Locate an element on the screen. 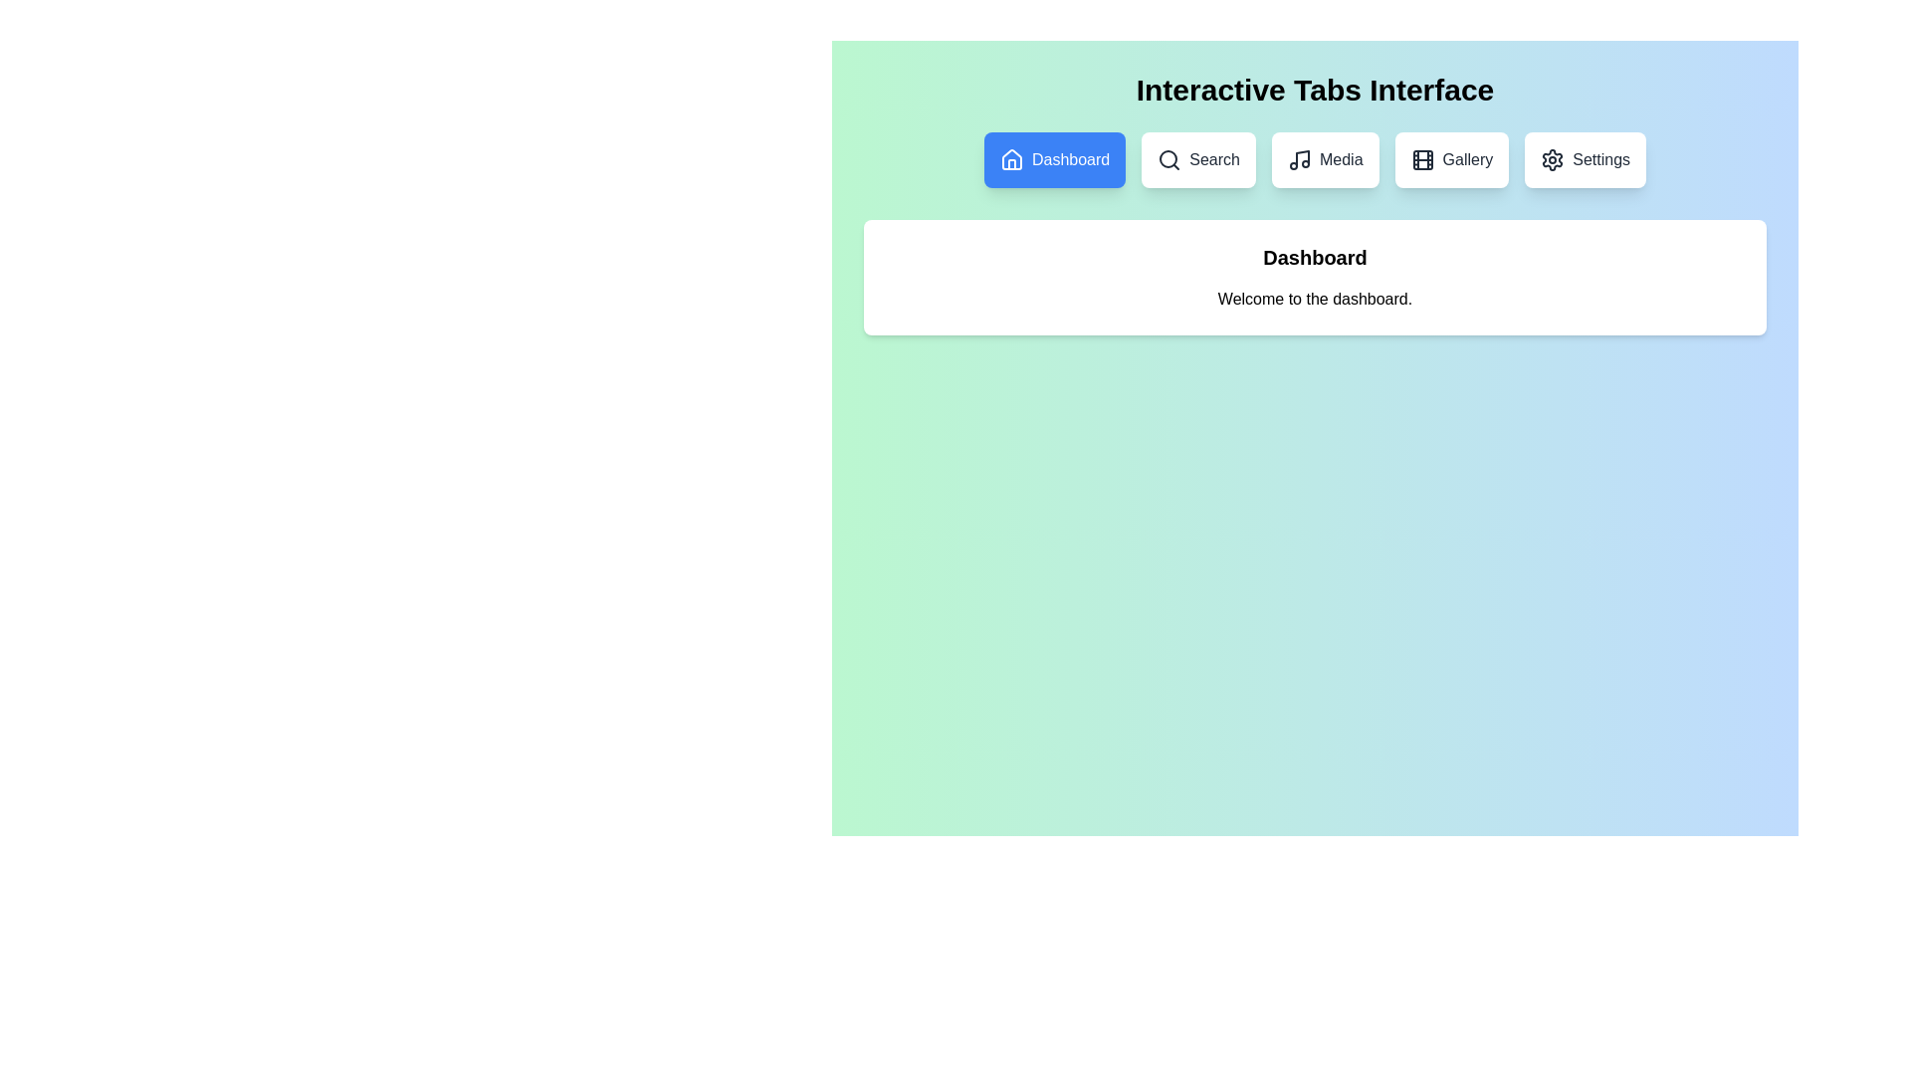 This screenshot has height=1075, width=1911. the house icon within the blue rectangular button labeled 'Dashboard' located in the top left corner of the button group to enhance user recognition and navigation is located at coordinates (1012, 159).